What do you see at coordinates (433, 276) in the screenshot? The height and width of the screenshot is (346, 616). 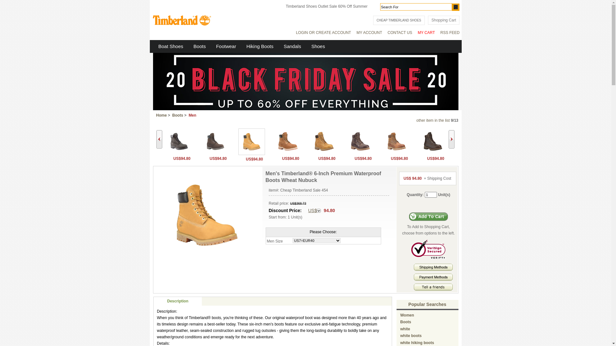 I see `' Payment Methods '` at bounding box center [433, 276].